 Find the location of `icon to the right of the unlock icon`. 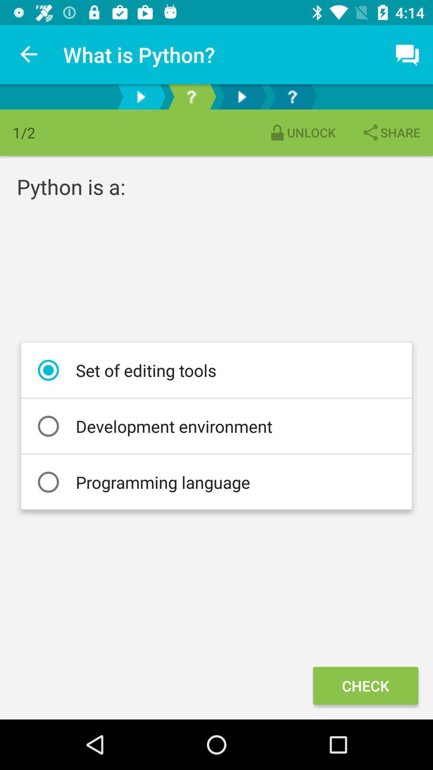

icon to the right of the unlock icon is located at coordinates (390, 132).